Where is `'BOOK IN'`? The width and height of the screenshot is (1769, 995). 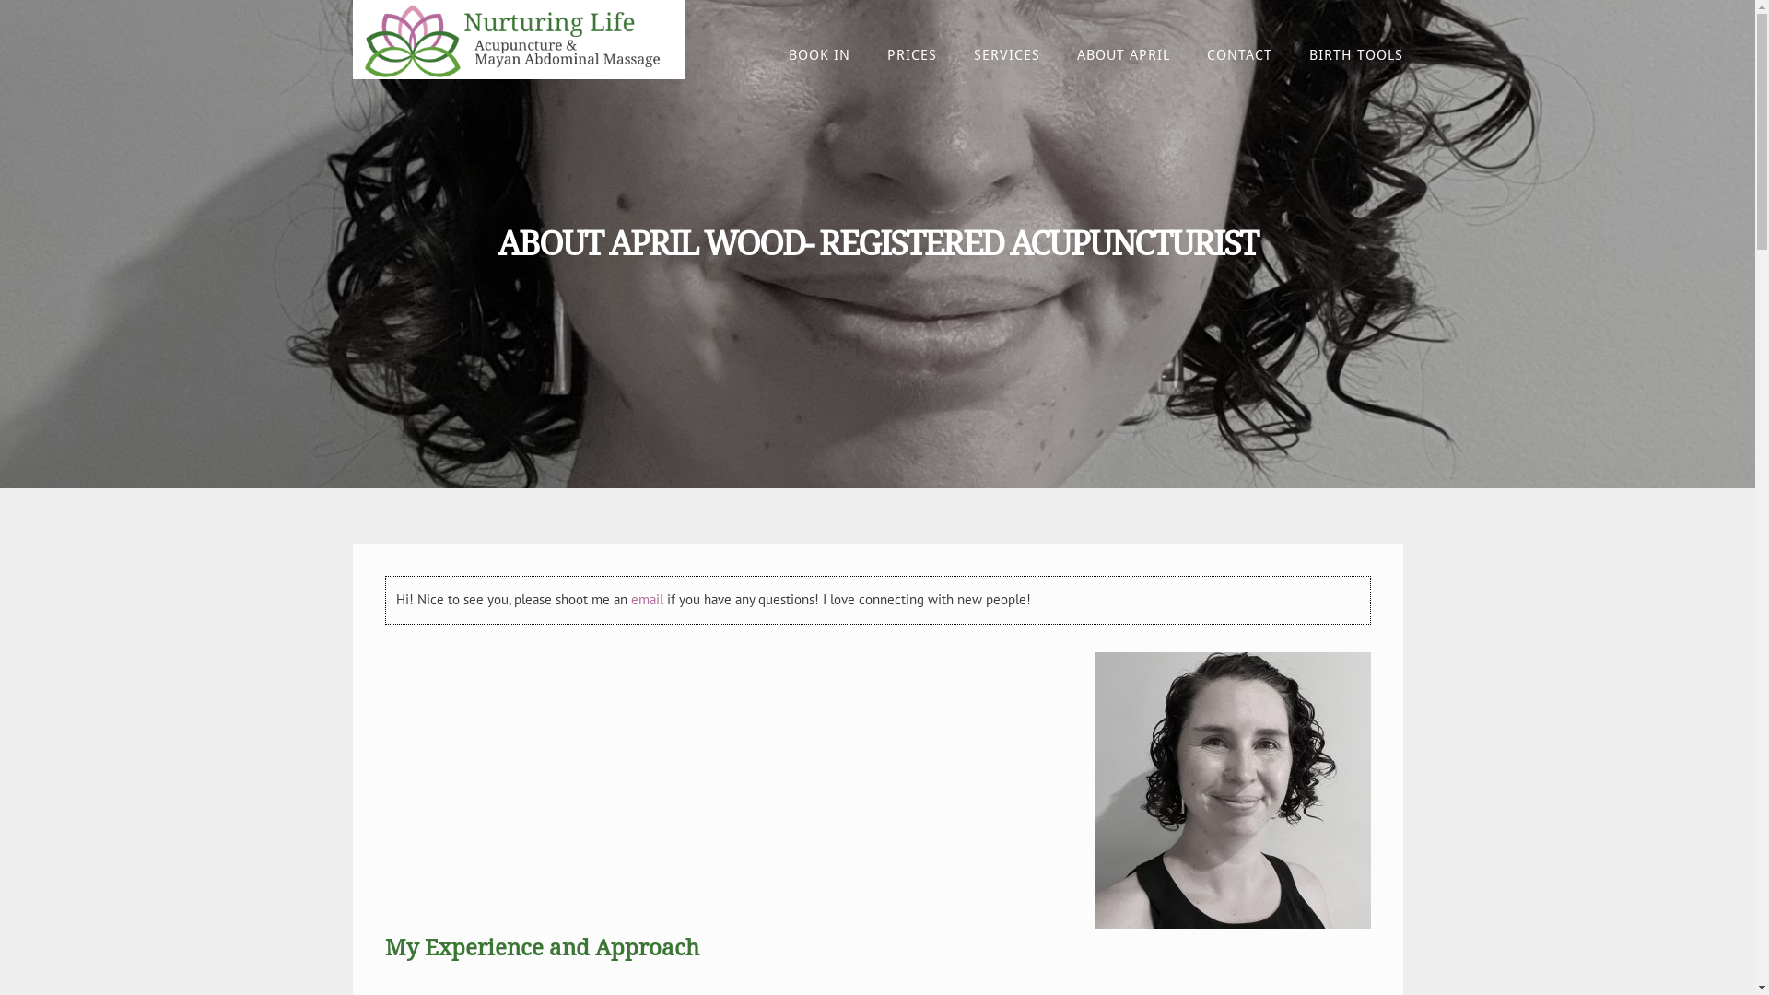 'BOOK IN' is located at coordinates (818, 54).